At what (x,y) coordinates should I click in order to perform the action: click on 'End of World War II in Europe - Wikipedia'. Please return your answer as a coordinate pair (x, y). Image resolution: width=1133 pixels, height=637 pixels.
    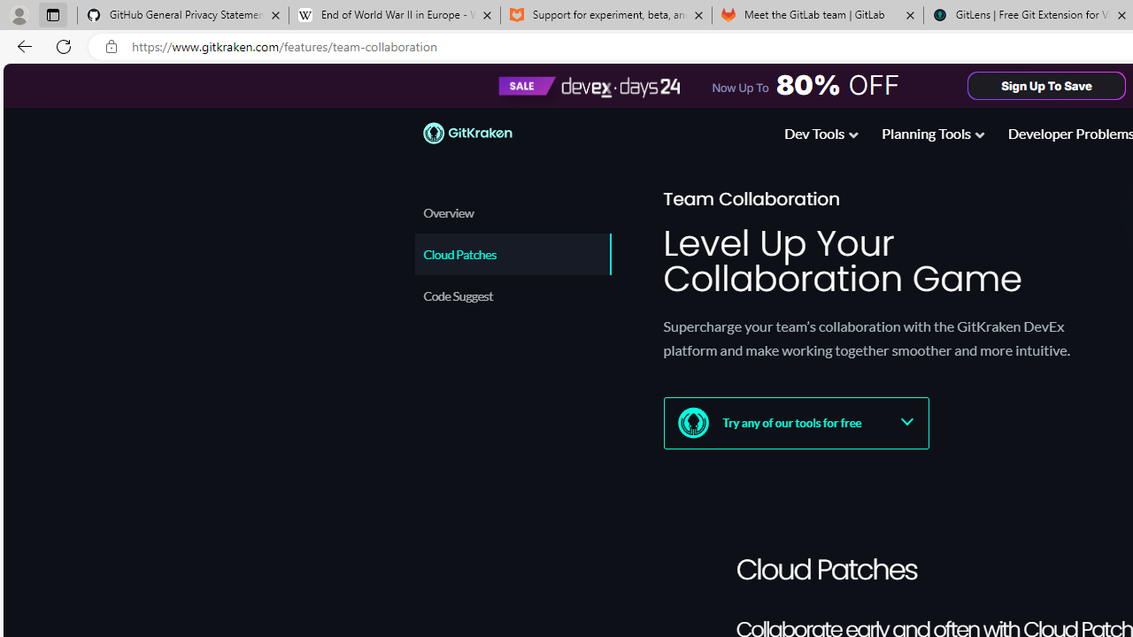
    Looking at the image, I should click on (393, 15).